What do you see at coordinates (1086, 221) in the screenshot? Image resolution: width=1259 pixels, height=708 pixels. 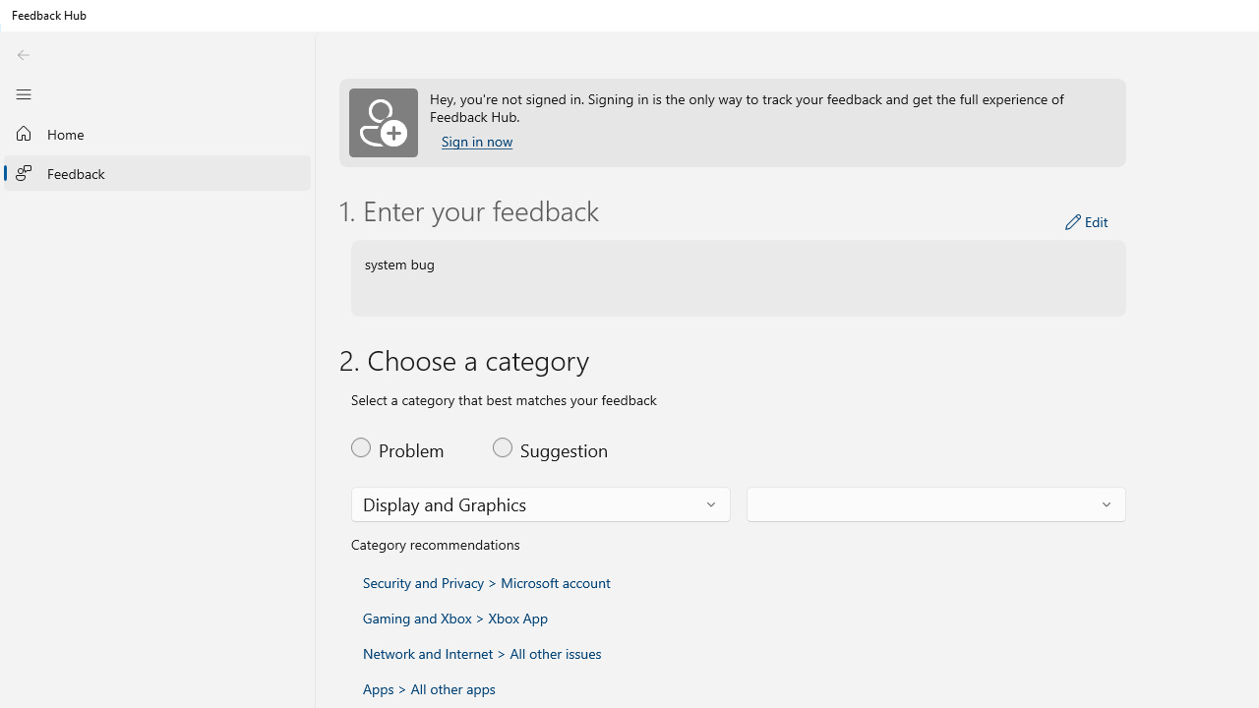 I see `'Edit your feedback details'` at bounding box center [1086, 221].